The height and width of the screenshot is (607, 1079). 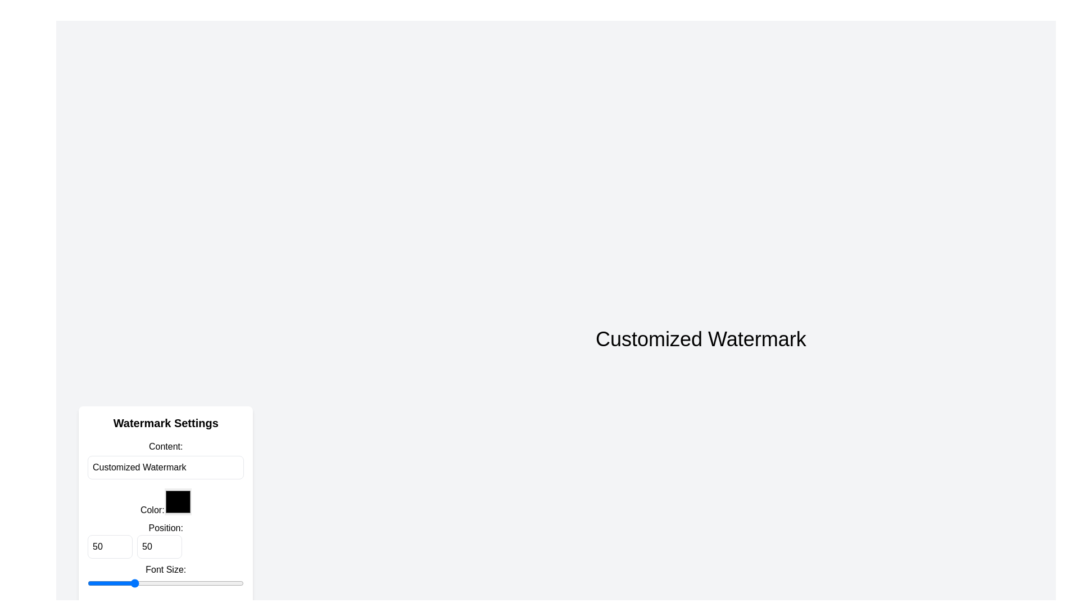 I want to click on the font size, so click(x=175, y=582).